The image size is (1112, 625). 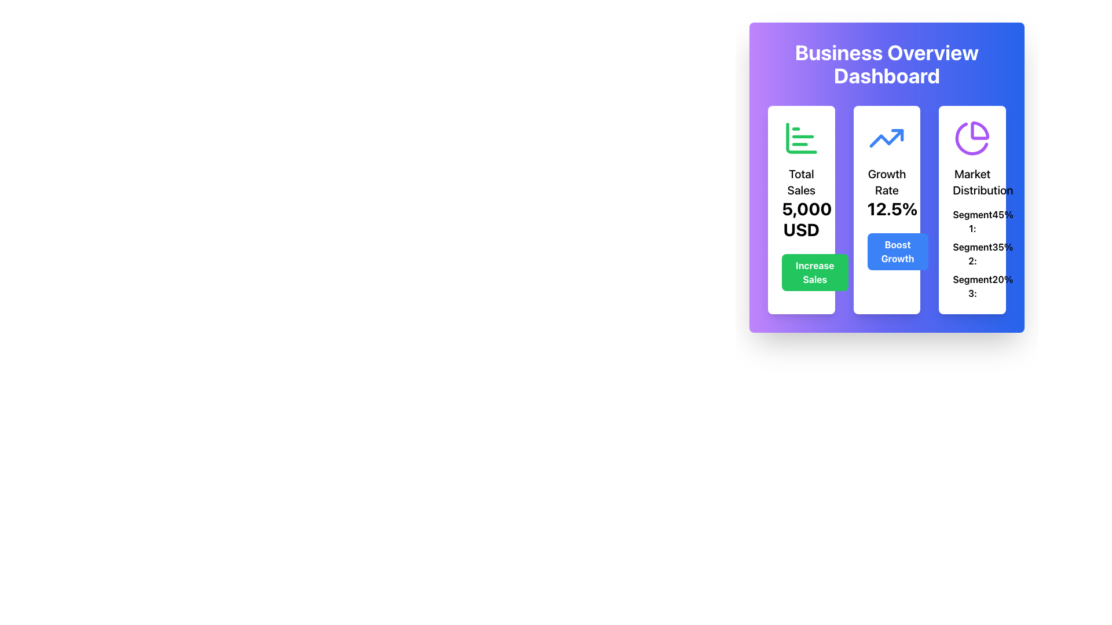 What do you see at coordinates (972, 138) in the screenshot?
I see `the pie chart in the 'Market Distribution' section of the dashboard, which is a circular shape in purple color with a highlighted segment` at bounding box center [972, 138].